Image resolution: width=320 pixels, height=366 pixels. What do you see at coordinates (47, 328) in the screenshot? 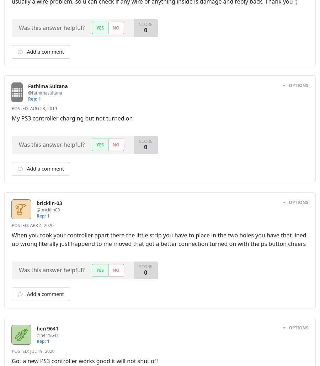
I see `'herr9641'` at bounding box center [47, 328].